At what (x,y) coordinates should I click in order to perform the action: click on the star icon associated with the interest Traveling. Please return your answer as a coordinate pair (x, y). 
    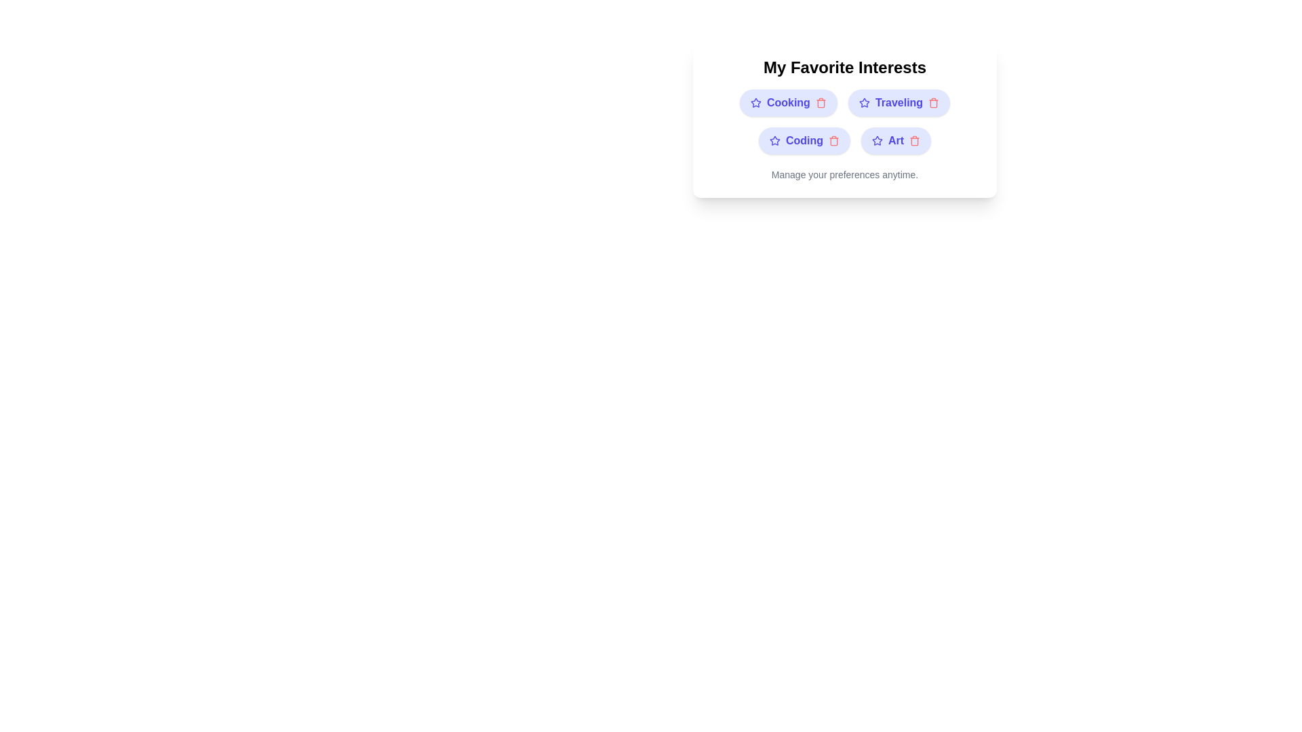
    Looking at the image, I should click on (863, 102).